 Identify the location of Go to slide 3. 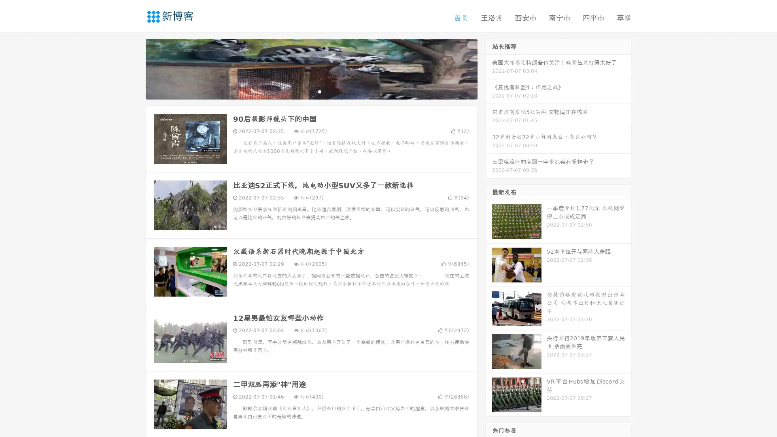
(319, 91).